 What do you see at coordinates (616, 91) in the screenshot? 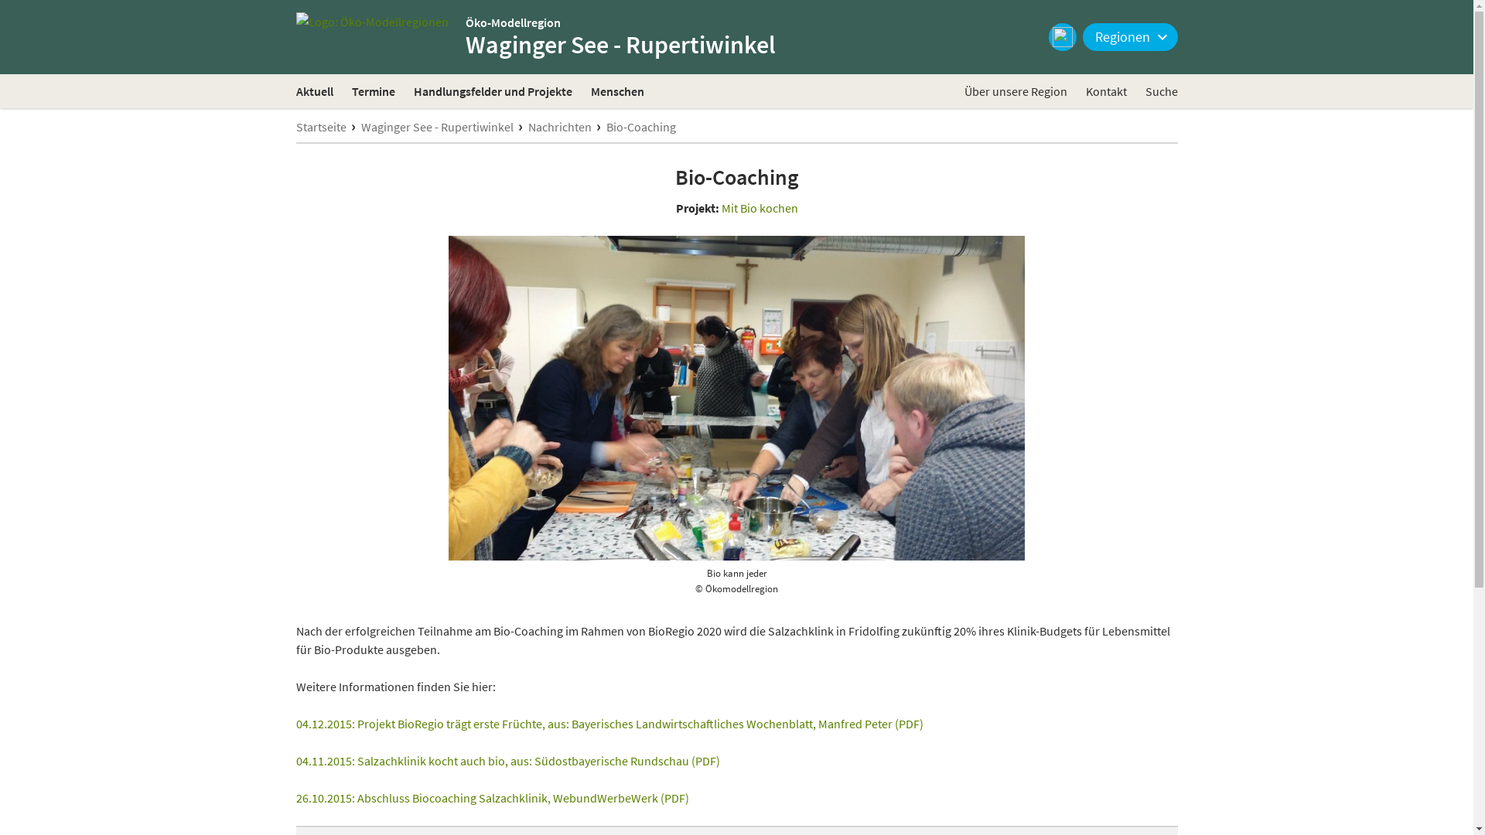
I see `'Menschen'` at bounding box center [616, 91].